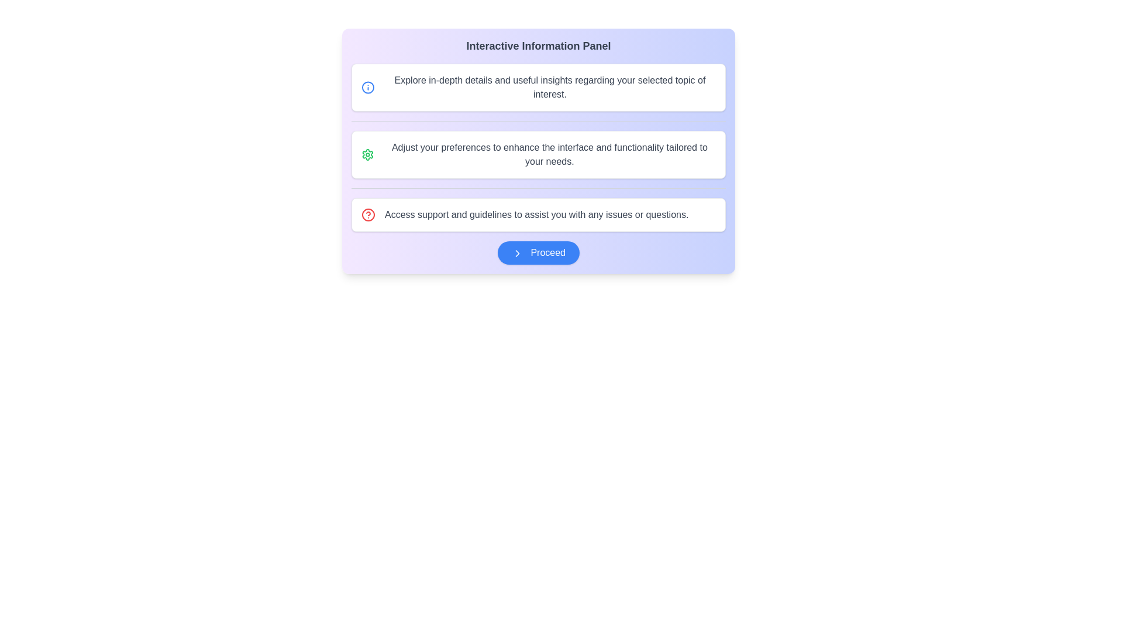  I want to click on the visual divider located between the second and third informational sections of the Interactive Information Panel, which is positioned below the preferences section and above the support section, so click(538, 188).